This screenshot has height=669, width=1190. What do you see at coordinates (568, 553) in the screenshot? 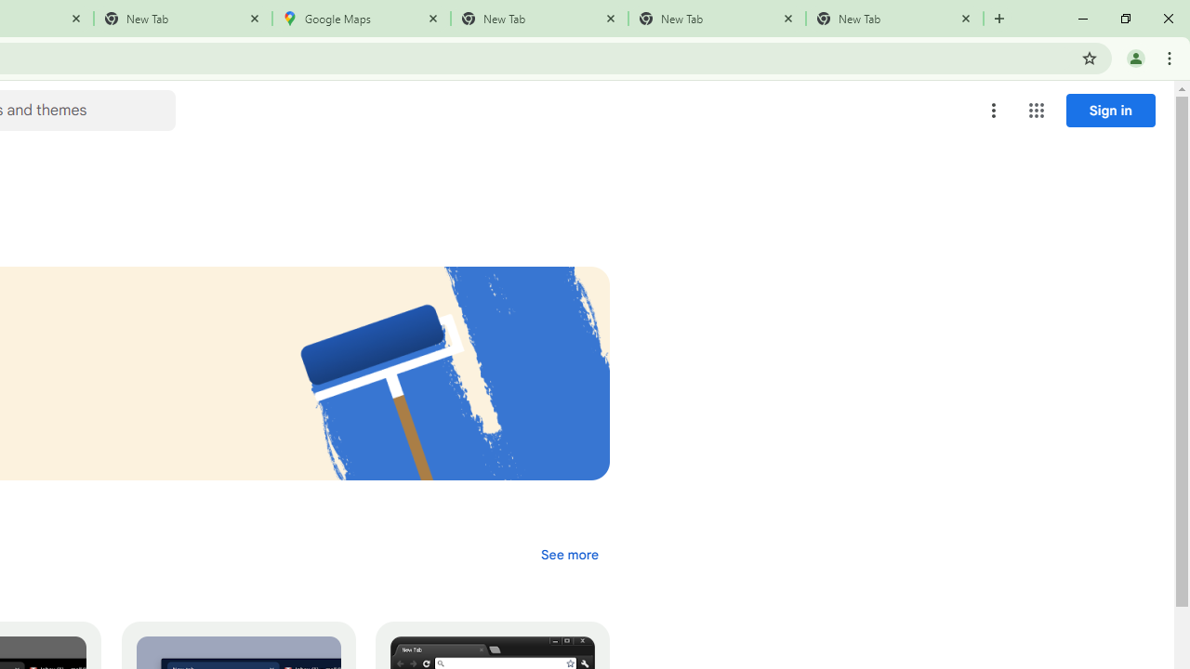
I see `'See more of the "Dark & black themes" collection'` at bounding box center [568, 553].